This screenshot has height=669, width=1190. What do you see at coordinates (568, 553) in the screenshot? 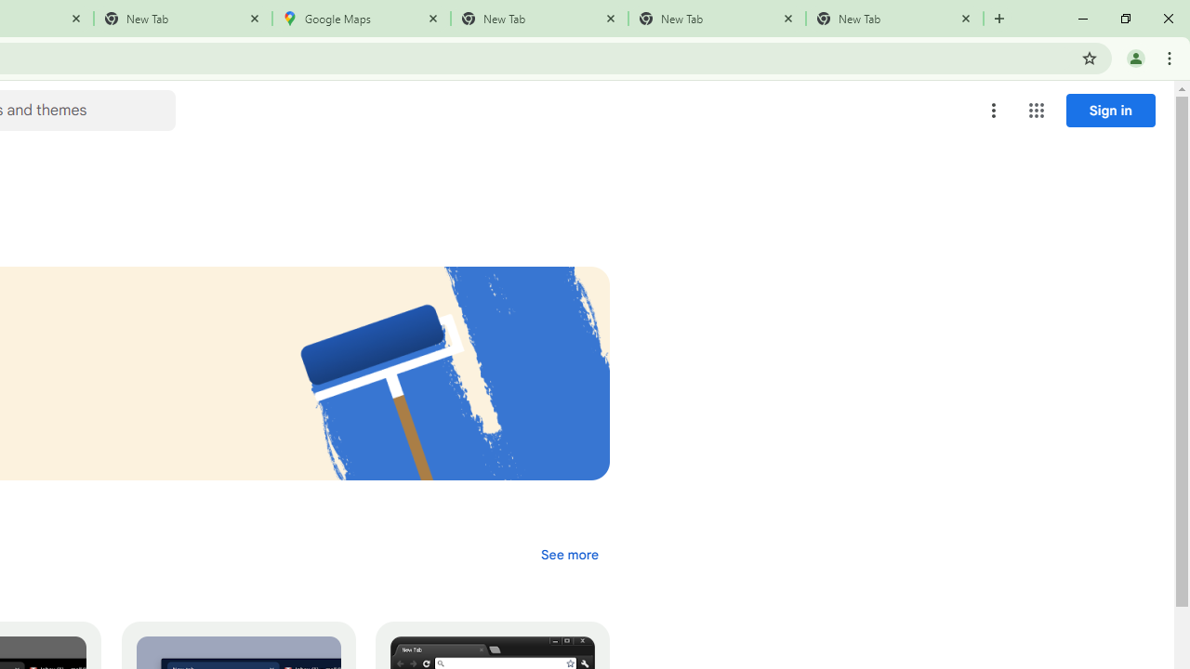
I see `'See more of the "Dark & black themes" collection'` at bounding box center [568, 553].